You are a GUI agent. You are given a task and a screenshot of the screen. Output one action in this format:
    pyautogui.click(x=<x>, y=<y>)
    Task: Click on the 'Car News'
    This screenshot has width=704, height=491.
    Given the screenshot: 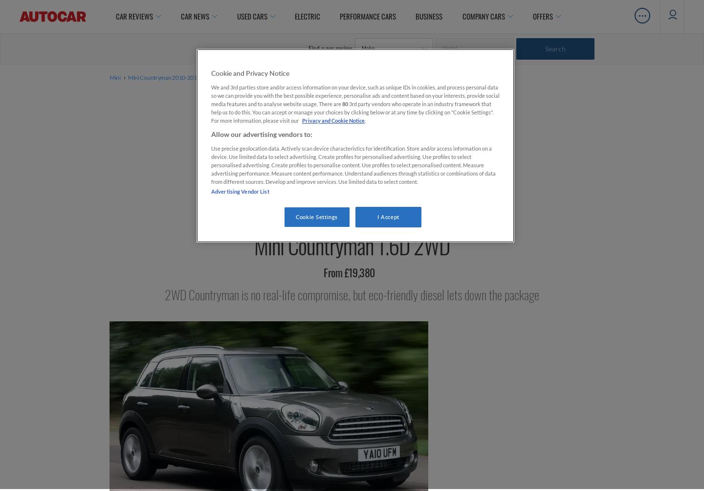 What is the action you would take?
    pyautogui.click(x=180, y=16)
    